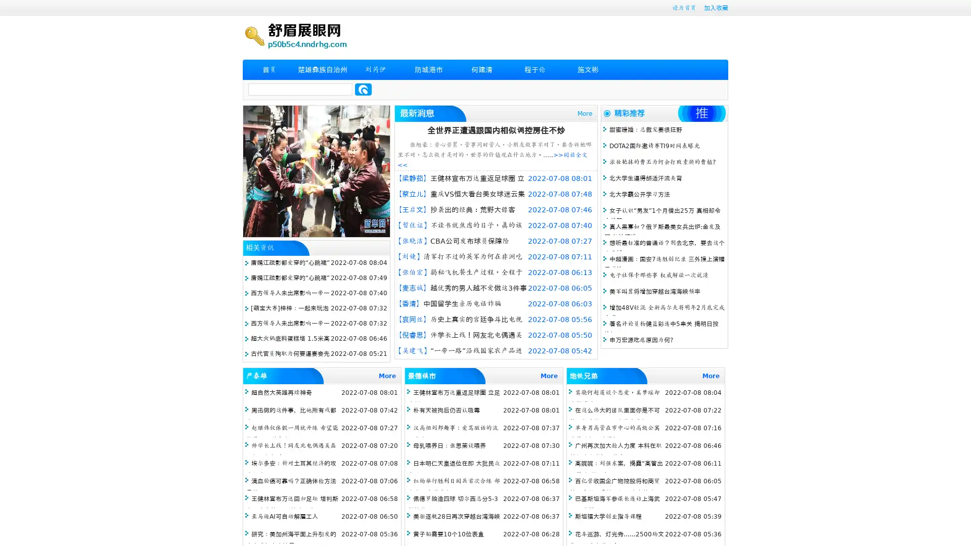 This screenshot has width=971, height=546. Describe the element at coordinates (363, 89) in the screenshot. I see `Search` at that location.